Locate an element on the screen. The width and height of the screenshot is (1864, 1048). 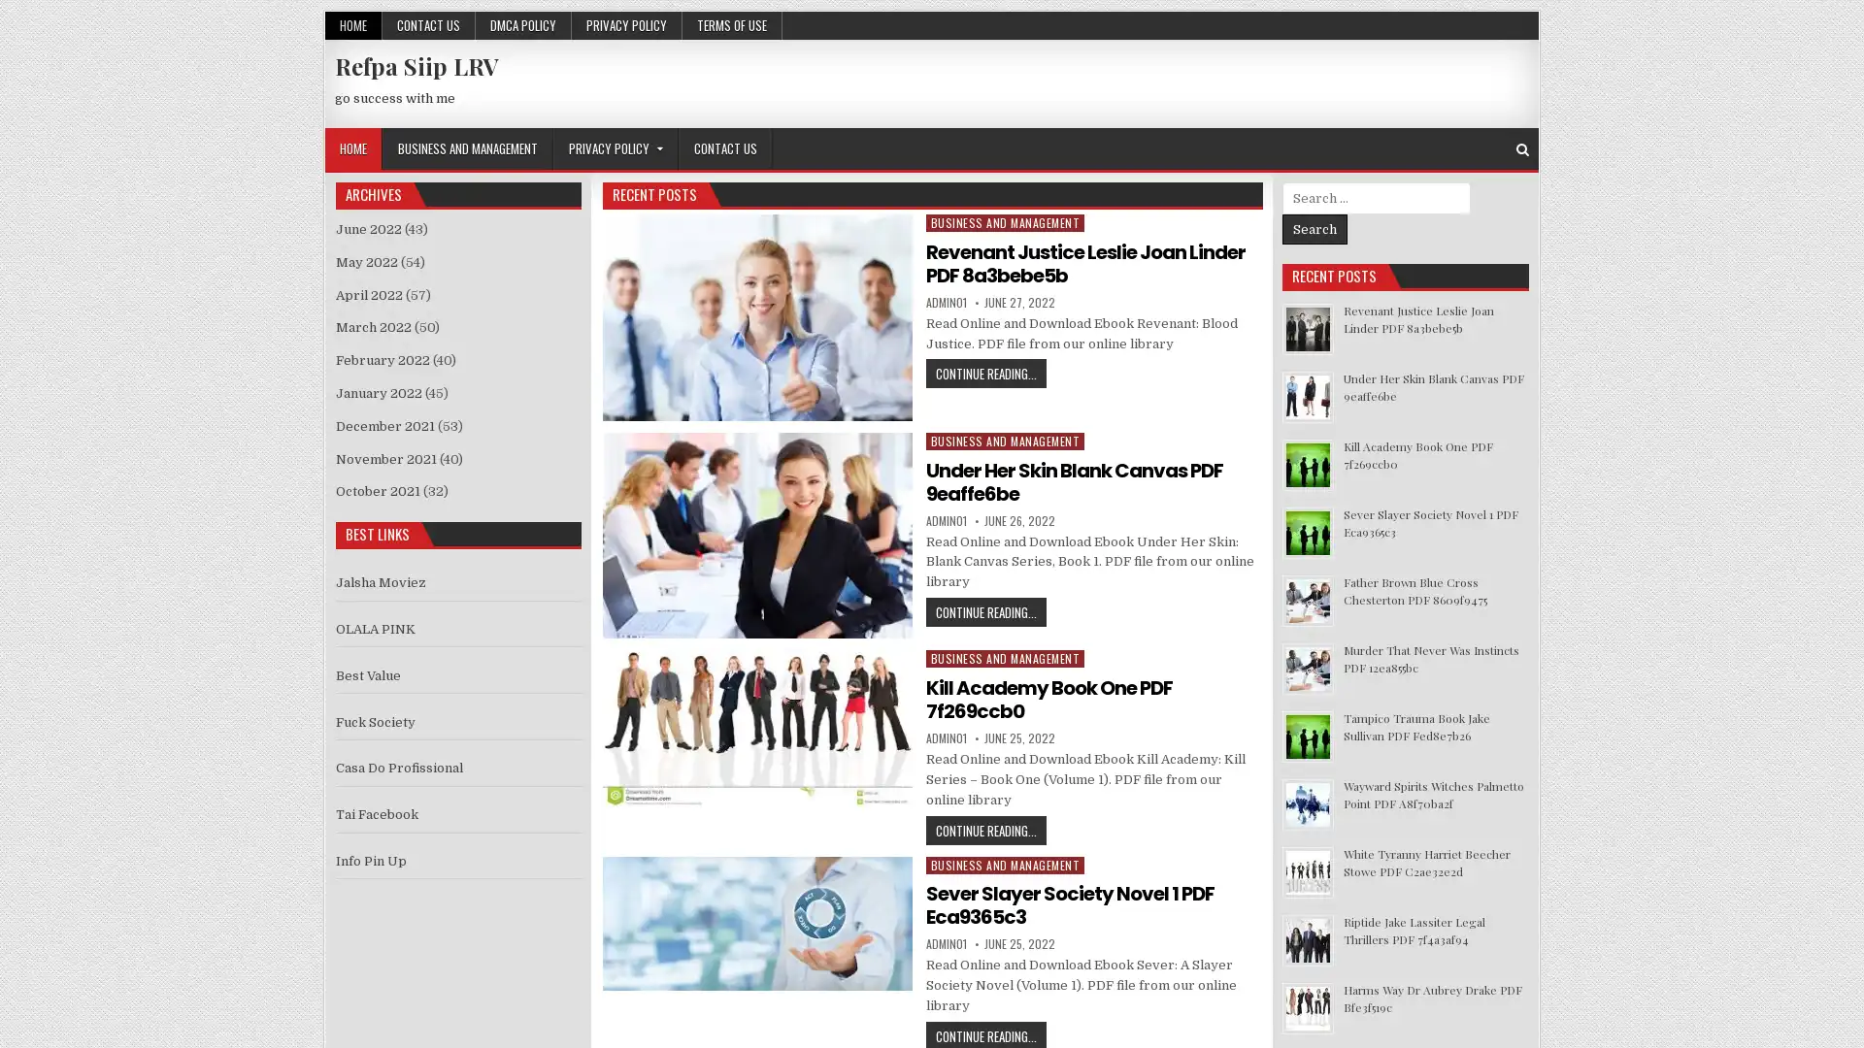
Search is located at coordinates (1315, 228).